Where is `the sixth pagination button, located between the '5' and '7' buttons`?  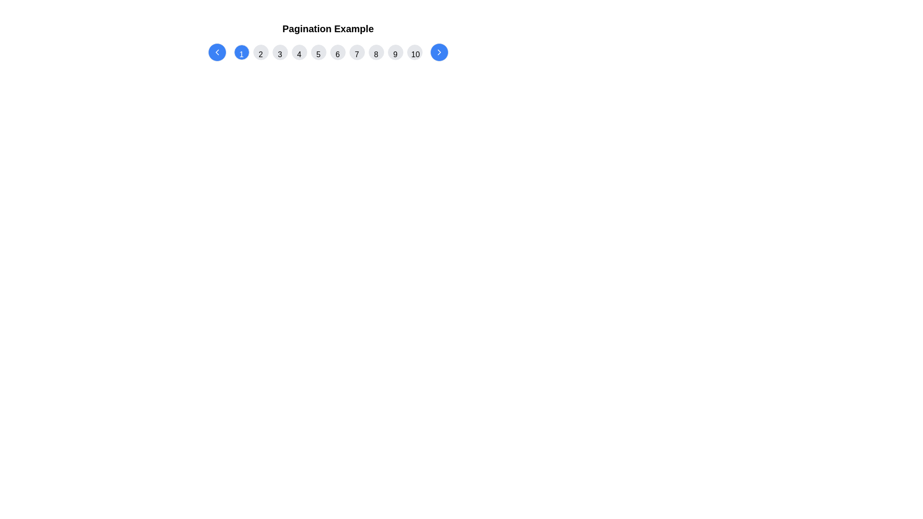 the sixth pagination button, located between the '5' and '7' buttons is located at coordinates (328, 52).